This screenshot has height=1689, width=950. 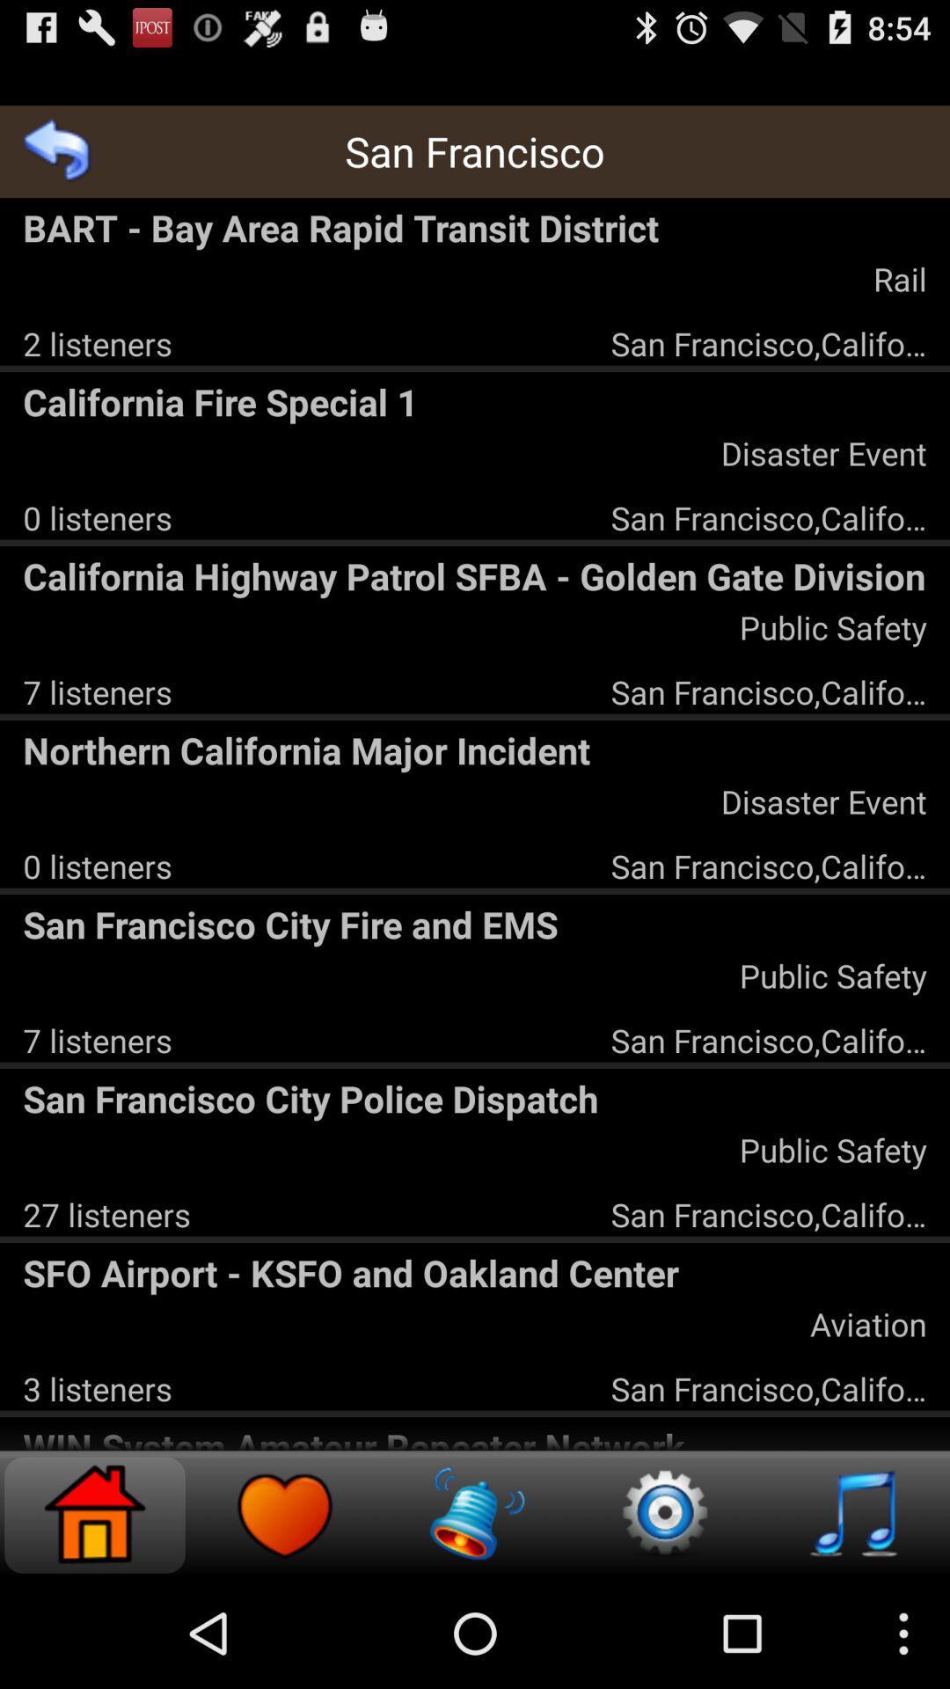 I want to click on item next to the san francisco,california item, so click(x=98, y=343).